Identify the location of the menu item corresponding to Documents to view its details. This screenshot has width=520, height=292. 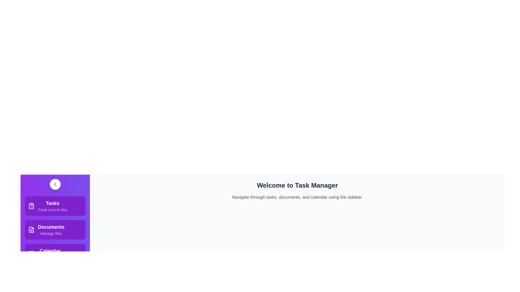
(55, 230).